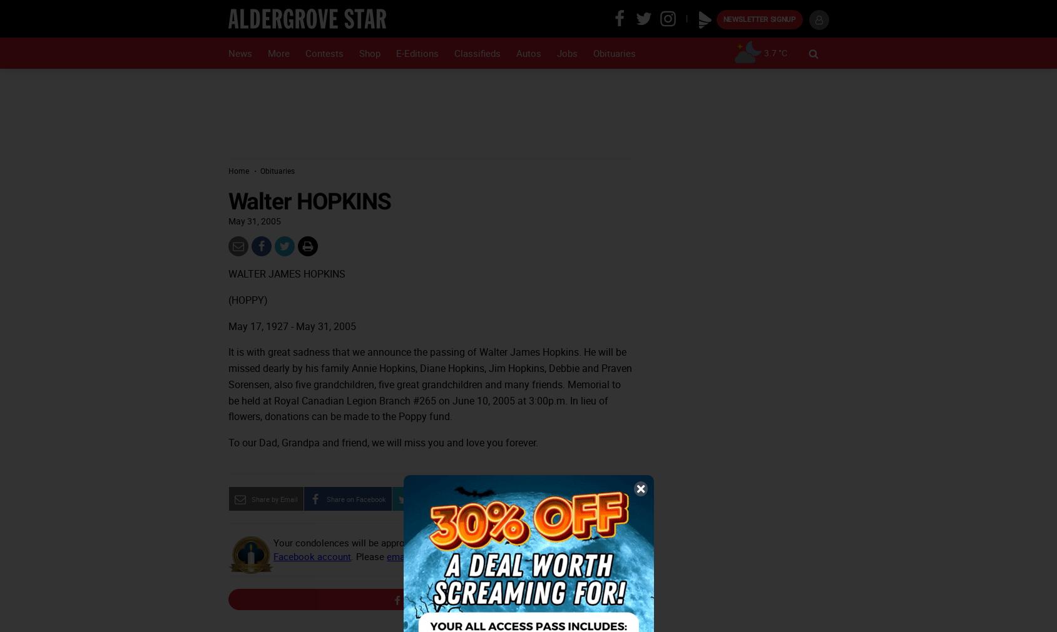  What do you see at coordinates (227, 170) in the screenshot?
I see `'Home'` at bounding box center [227, 170].